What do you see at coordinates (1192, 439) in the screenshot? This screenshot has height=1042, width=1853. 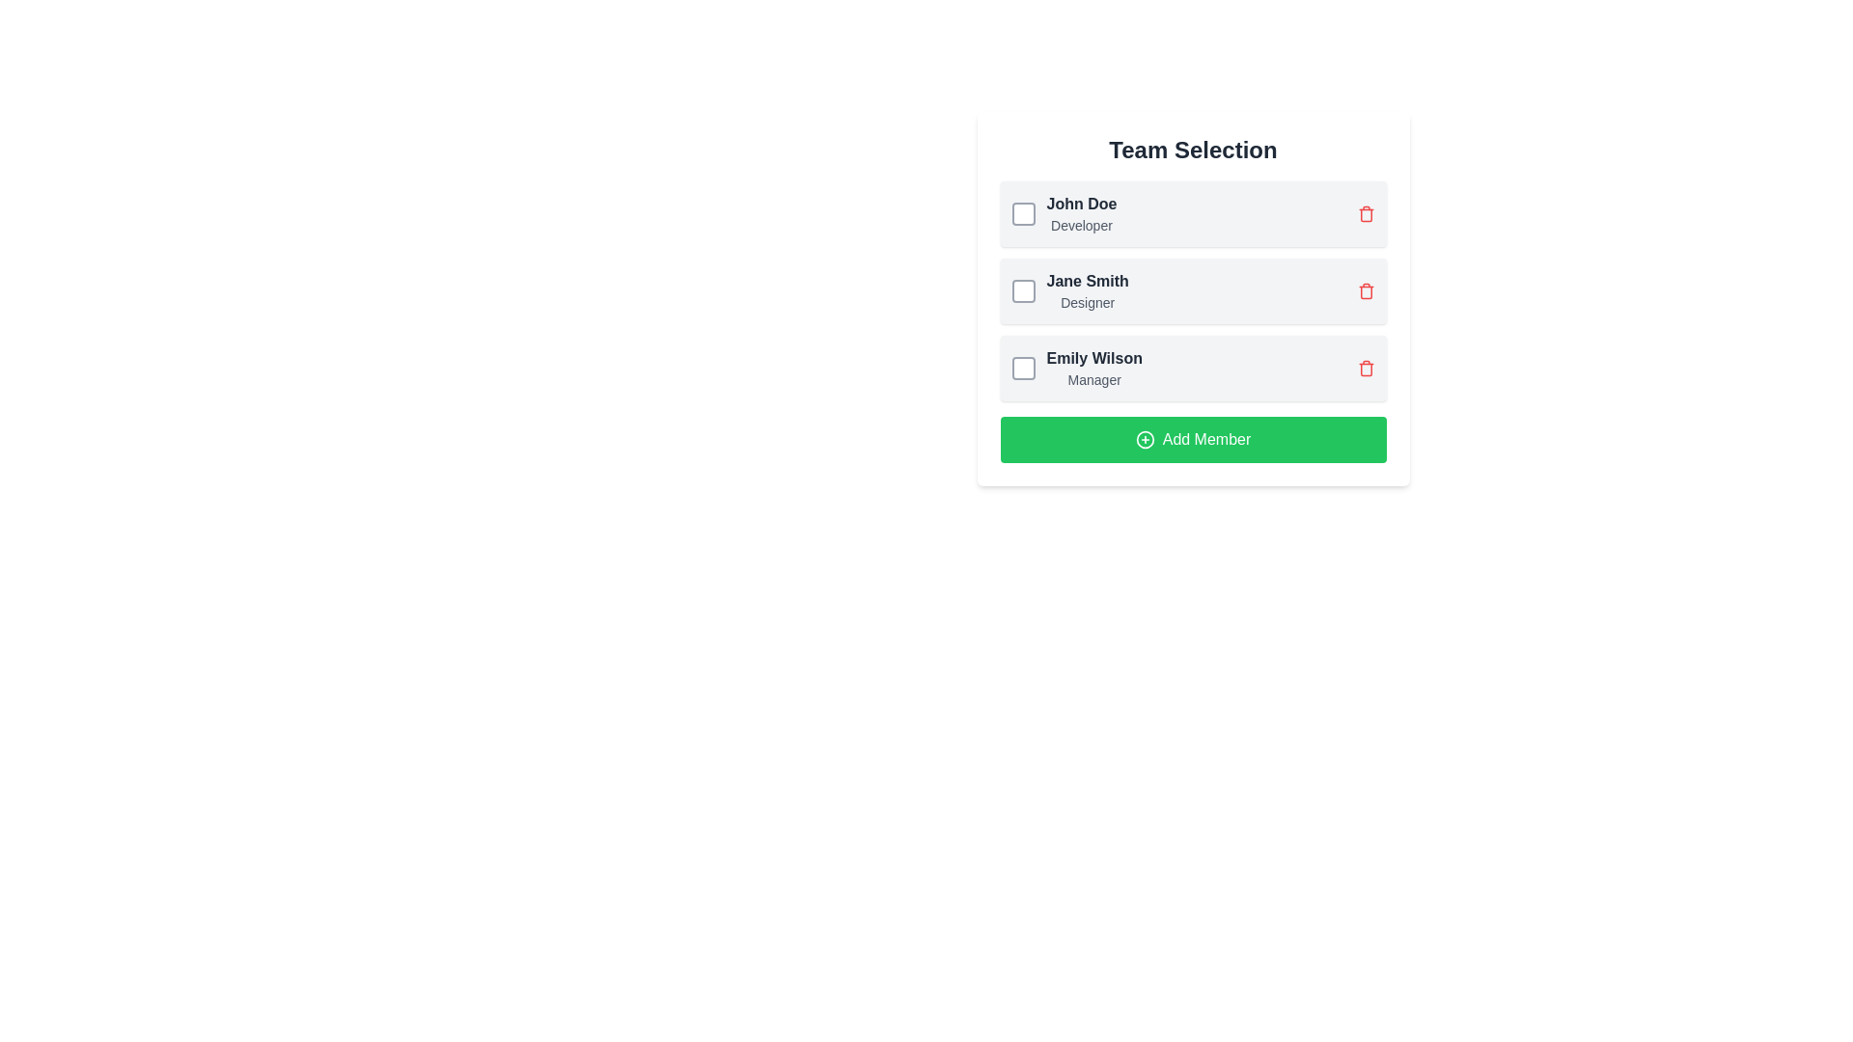 I see `the green 'Add Member' button with rounded corners and a circular plus icon, located at the bottom of the 'Team Selection' panel` at bounding box center [1192, 439].